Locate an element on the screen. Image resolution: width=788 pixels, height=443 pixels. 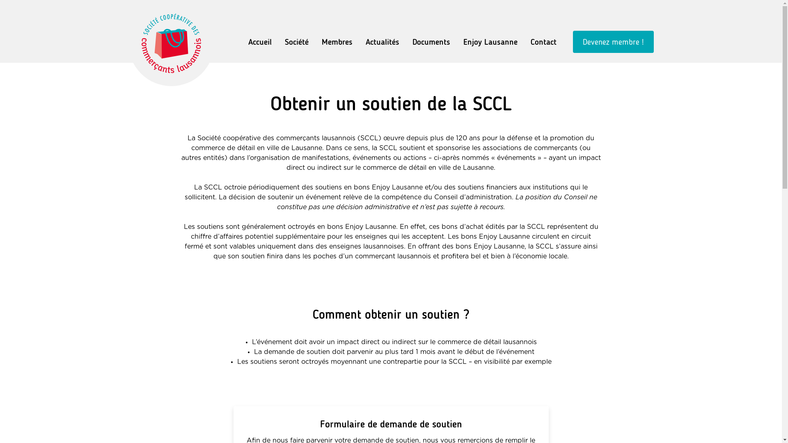
'Membres' is located at coordinates (337, 41).